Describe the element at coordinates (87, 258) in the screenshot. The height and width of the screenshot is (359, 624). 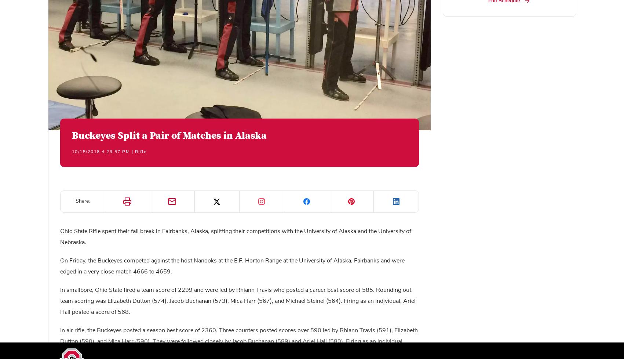
I see `'Shop Now'` at that location.